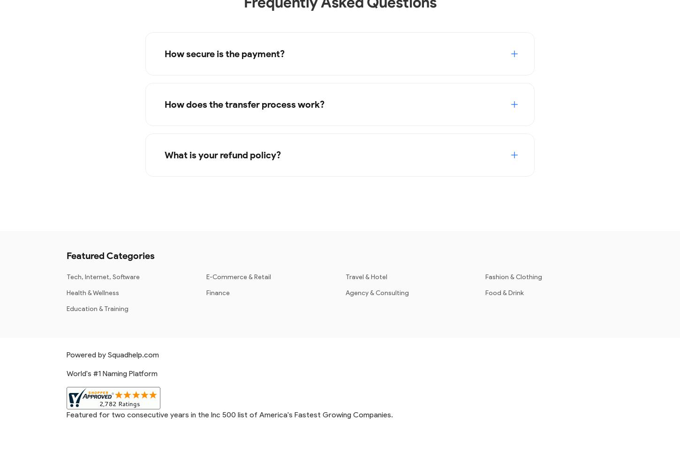 The height and width of the screenshot is (467, 680). I want to click on 'Fashion & Clothing', so click(513, 276).